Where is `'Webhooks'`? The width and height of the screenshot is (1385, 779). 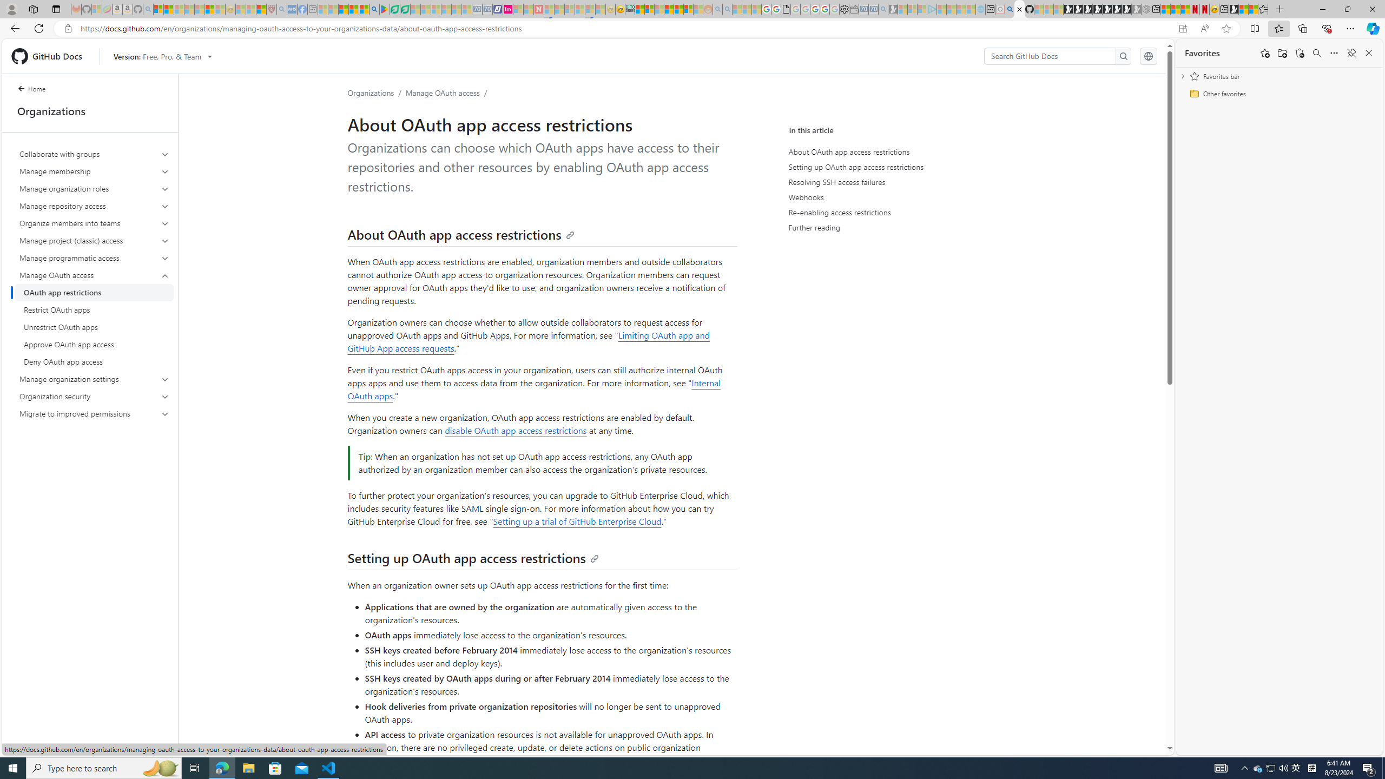 'Webhooks' is located at coordinates (888, 197).